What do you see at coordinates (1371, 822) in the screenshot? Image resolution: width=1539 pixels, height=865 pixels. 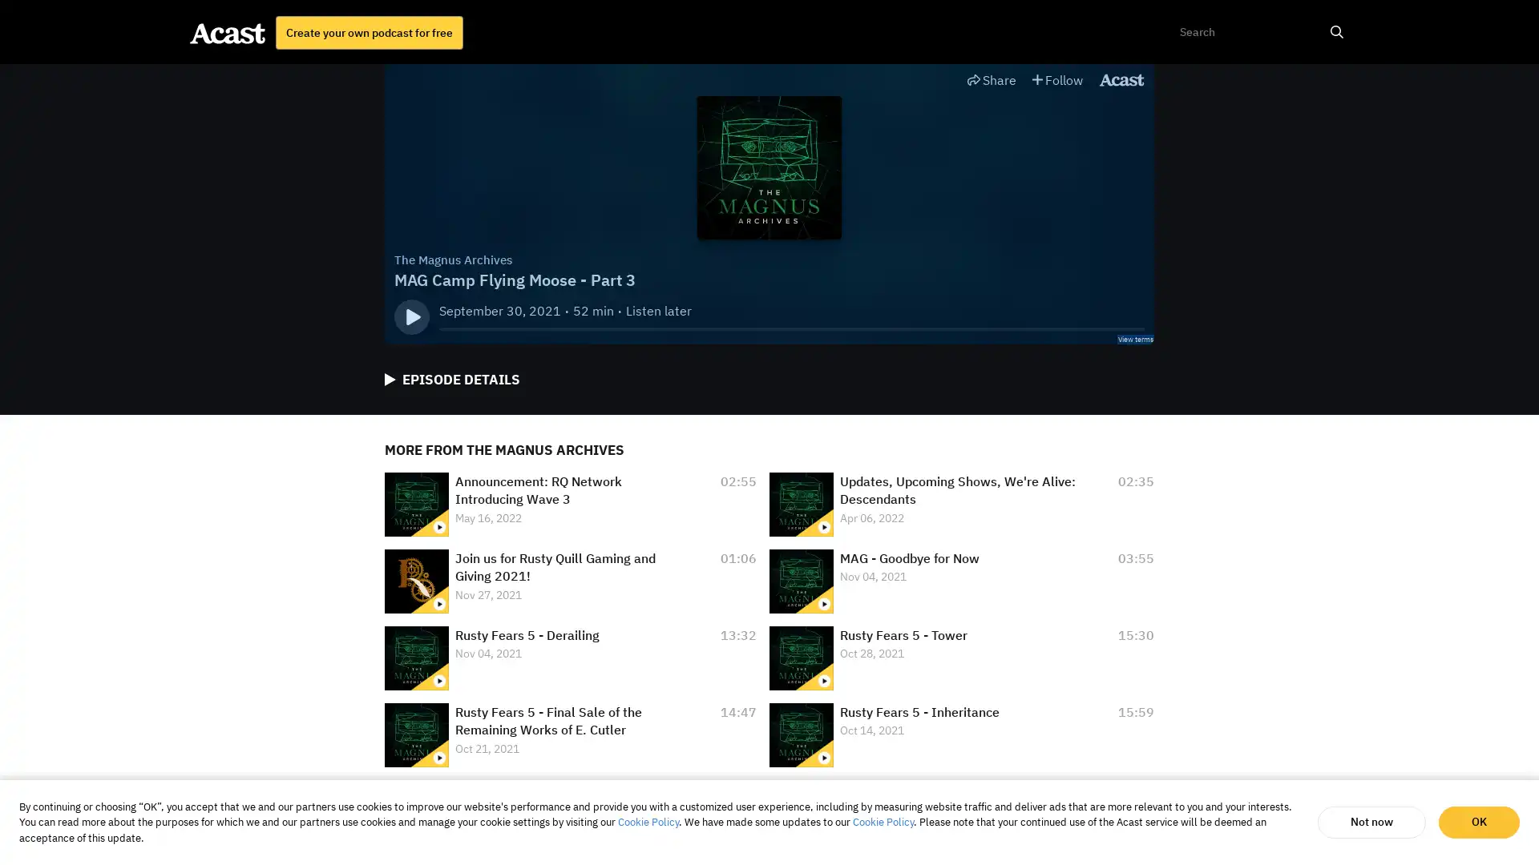 I see `Not now` at bounding box center [1371, 822].